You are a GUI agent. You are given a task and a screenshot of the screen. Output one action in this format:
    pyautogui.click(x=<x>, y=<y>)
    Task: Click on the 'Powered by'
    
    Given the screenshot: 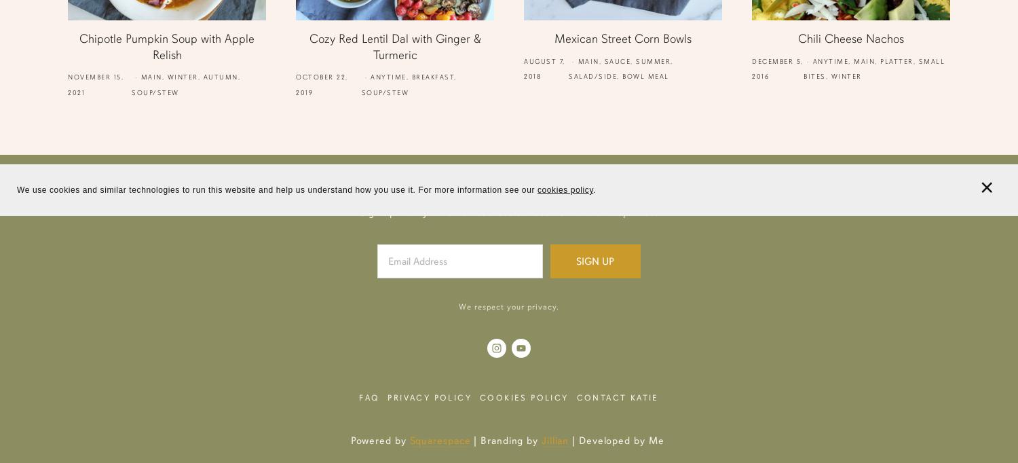 What is the action you would take?
    pyautogui.click(x=379, y=439)
    